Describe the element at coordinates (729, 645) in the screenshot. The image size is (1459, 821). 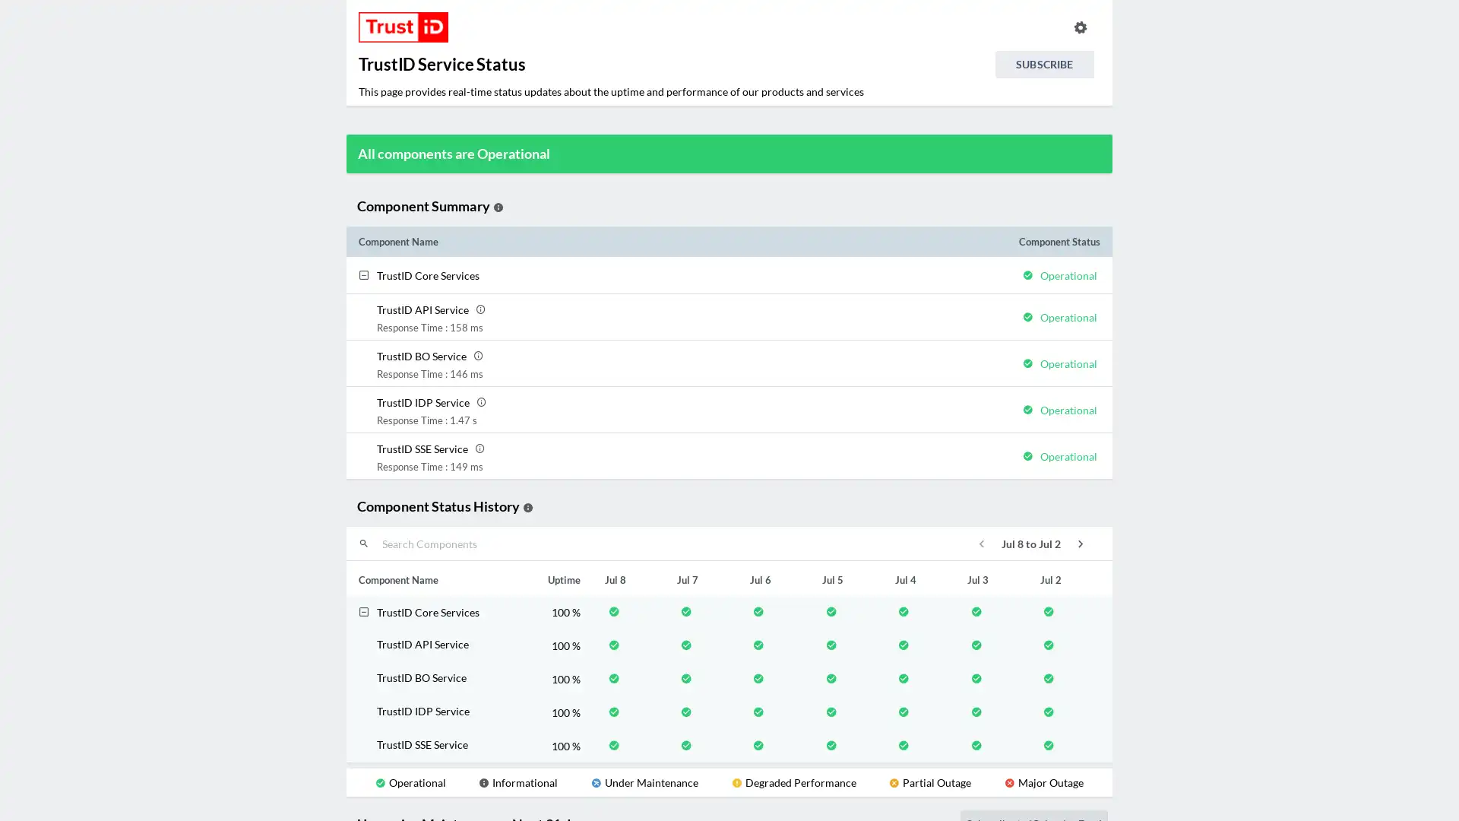
I see `TrustID API Service 100 %` at that location.